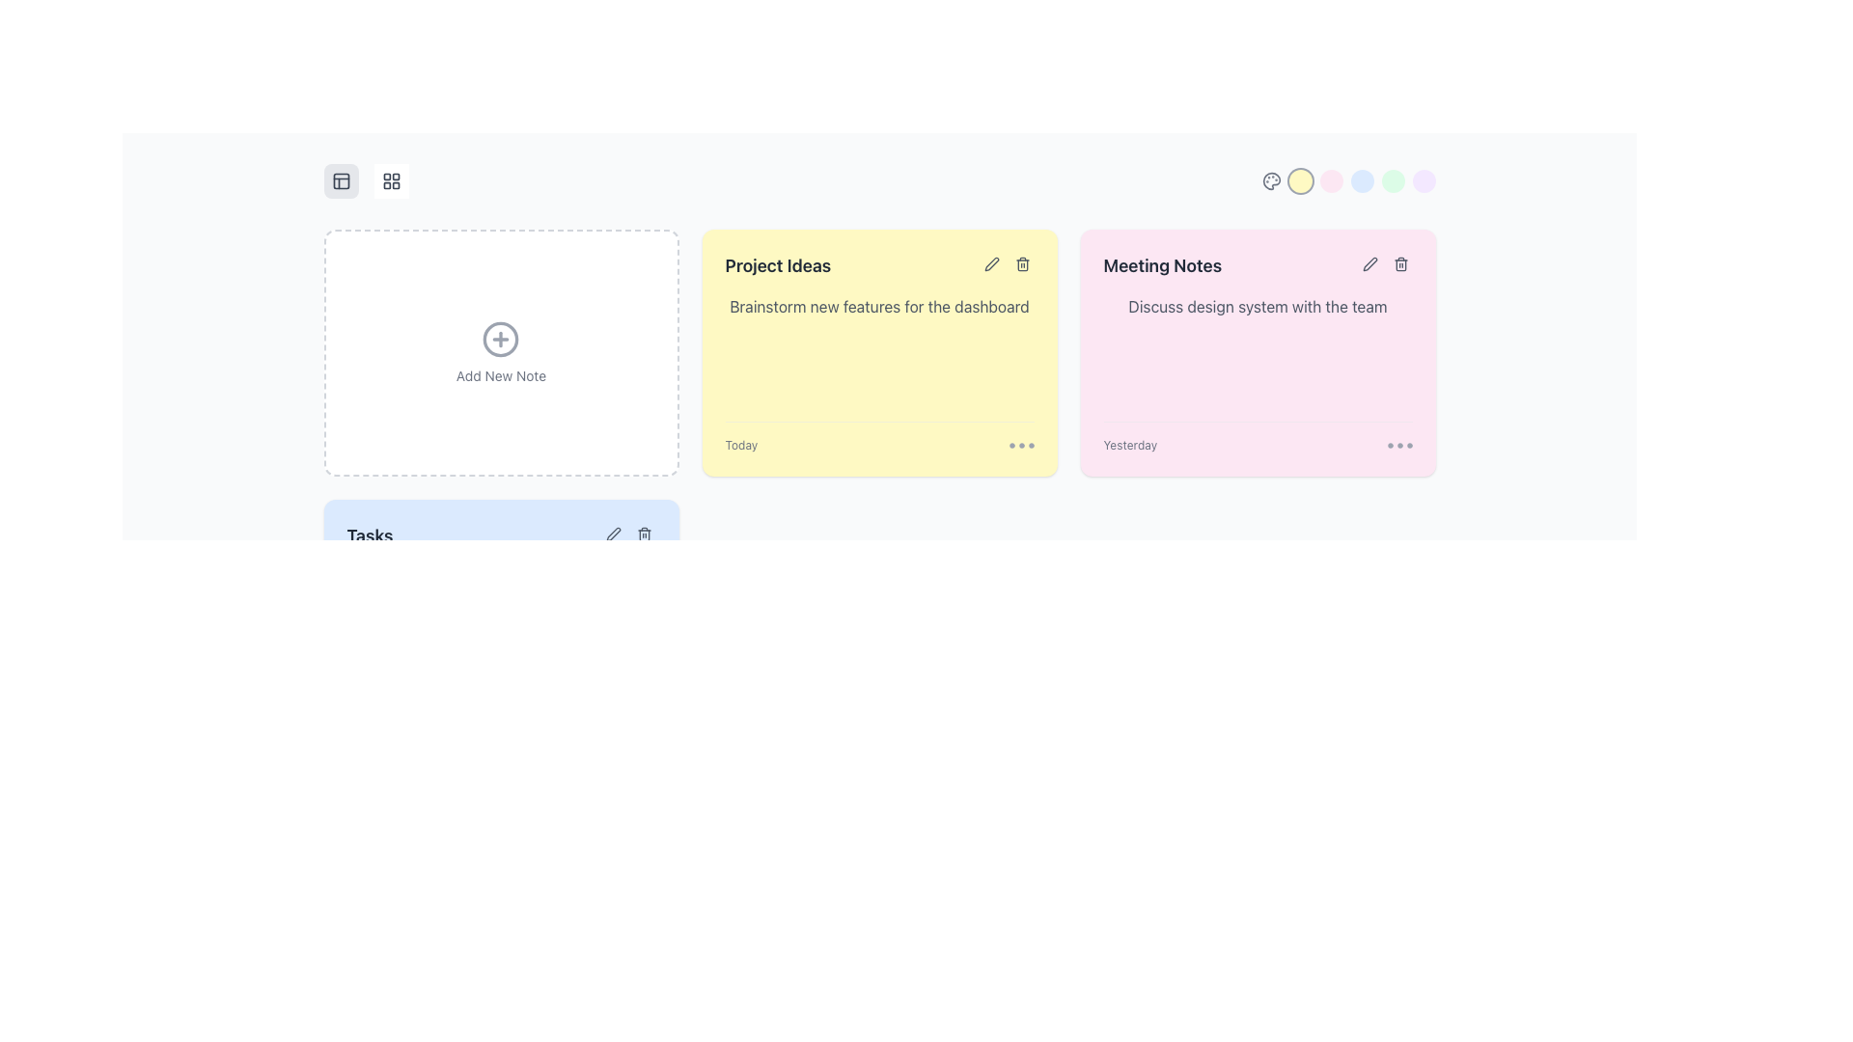 This screenshot has height=1042, width=1853. I want to click on the edit button located in the top-right corner of the 'Meeting Notes' card to allow the user to modify the content, so click(1369, 263).